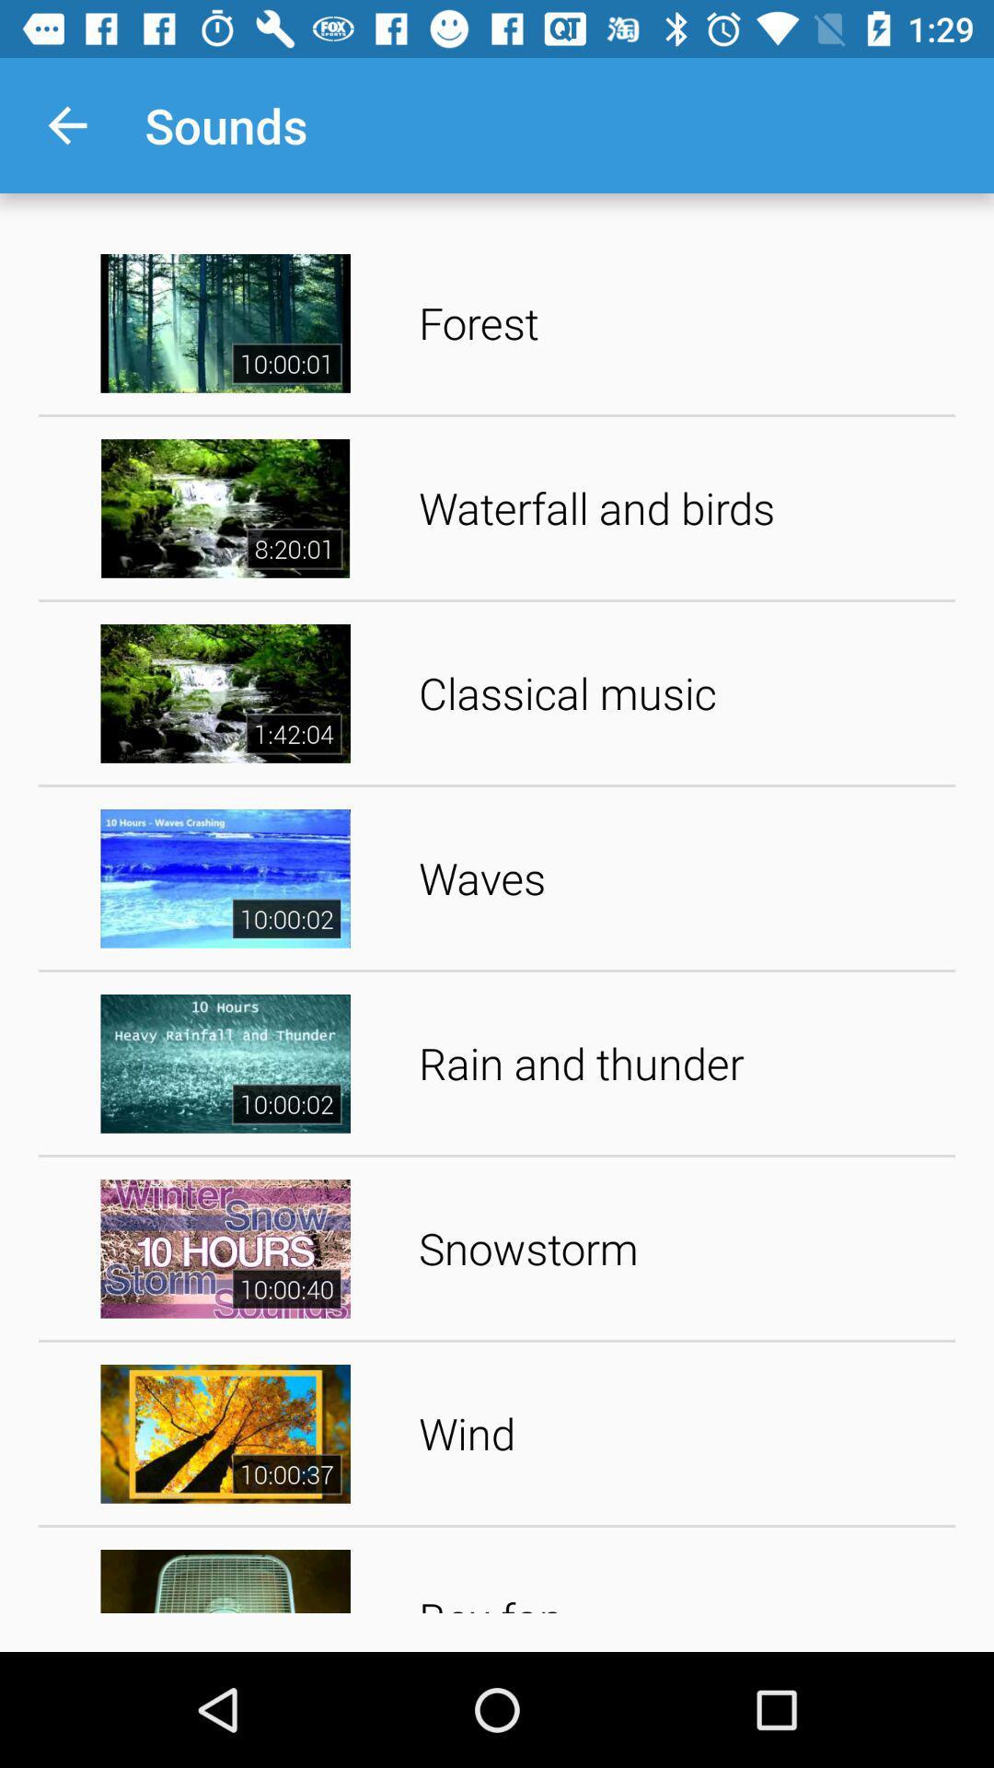  I want to click on the item below the wind app, so click(680, 1576).